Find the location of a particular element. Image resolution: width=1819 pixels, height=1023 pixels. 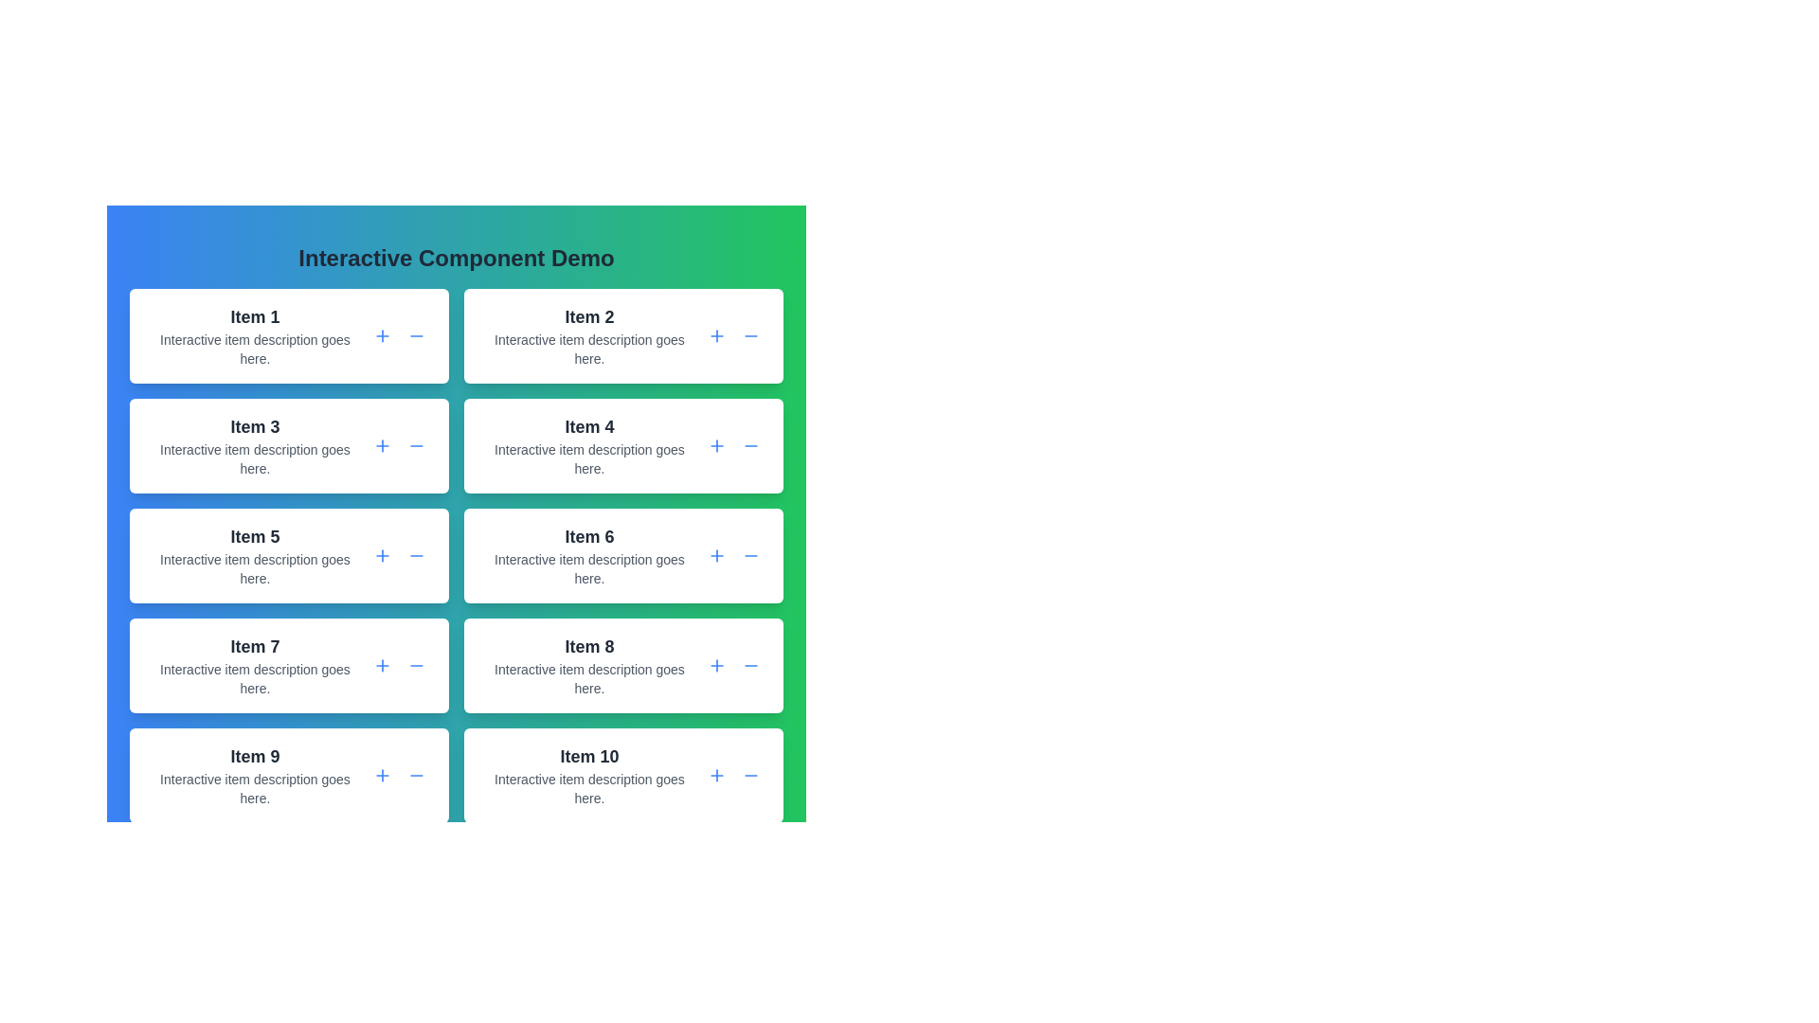

the static text label displaying 'Item 2', which is styled in a larger bold font and centrally aligned within the top-right card of a grid layout is located at coordinates (588, 316).